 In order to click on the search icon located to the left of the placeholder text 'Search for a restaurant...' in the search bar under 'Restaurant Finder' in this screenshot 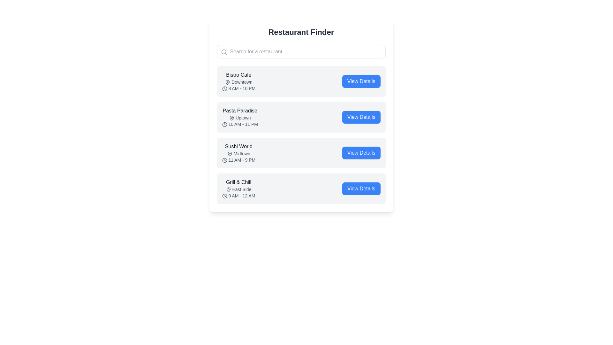, I will do `click(224, 51)`.